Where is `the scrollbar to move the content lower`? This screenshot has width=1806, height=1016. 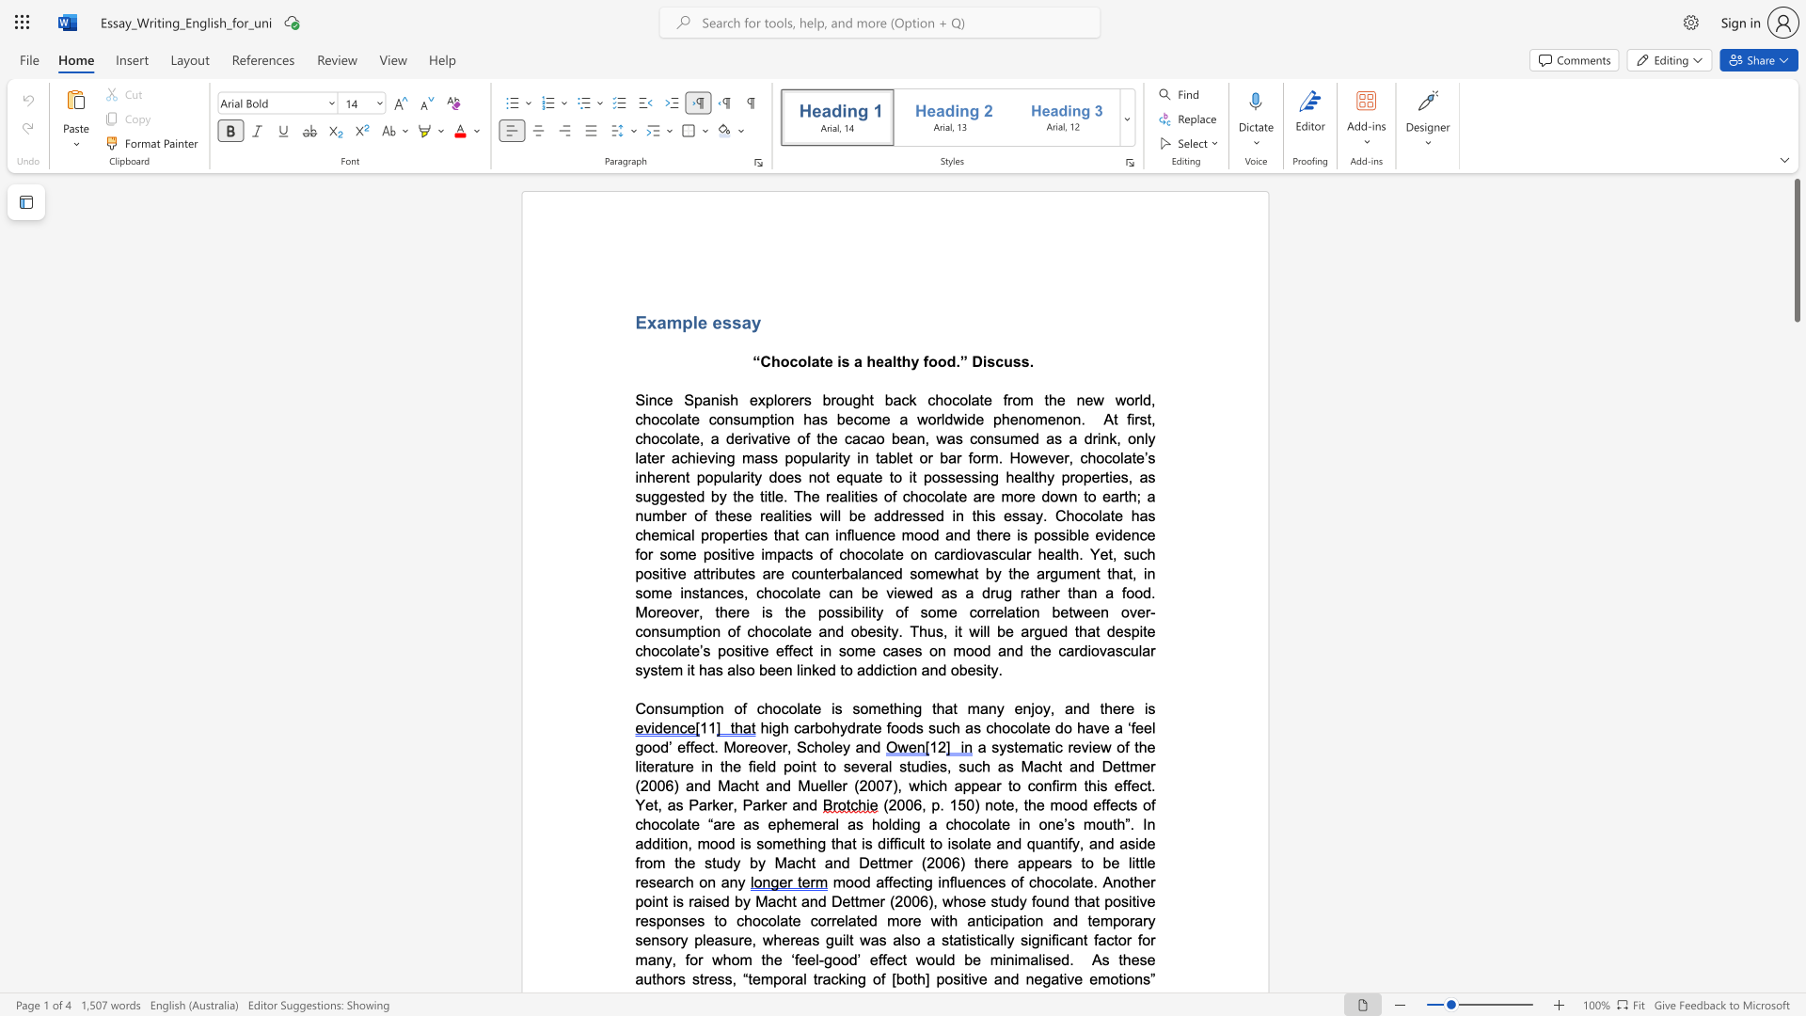
the scrollbar to move the content lower is located at coordinates (1796, 686).